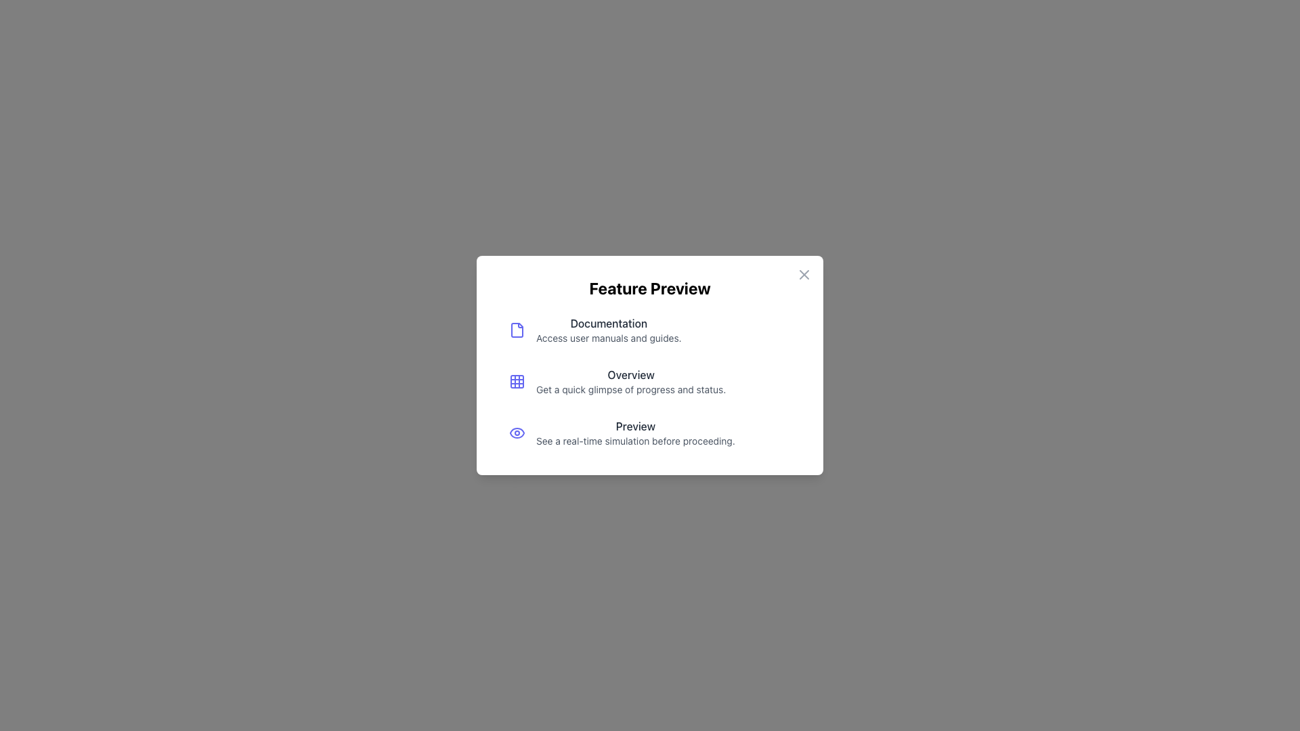 The image size is (1300, 731). What do you see at coordinates (650, 365) in the screenshot?
I see `the middle interactive section of the dialog box labeled 'Overview' in the 'Feature Preview' dialog` at bounding box center [650, 365].